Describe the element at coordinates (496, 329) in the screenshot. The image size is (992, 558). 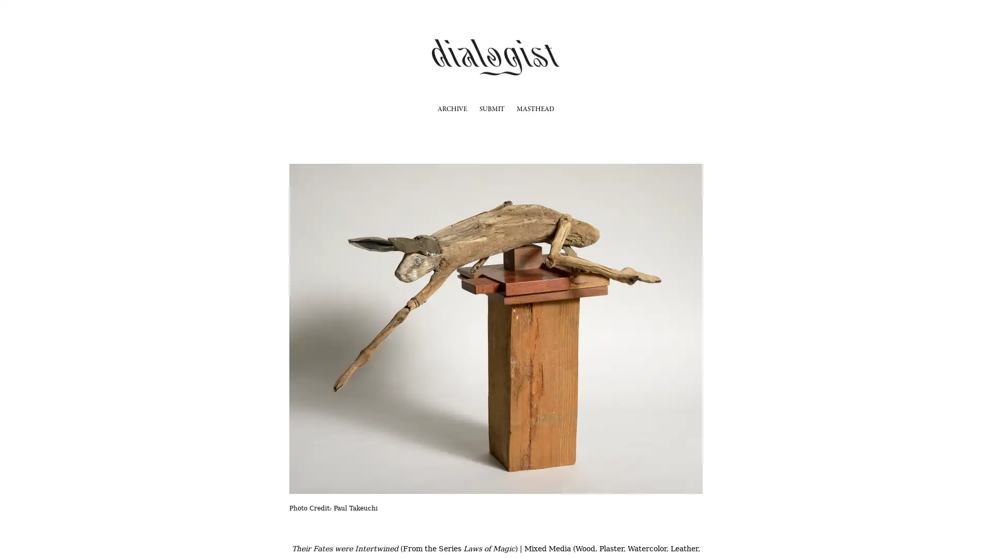
I see `View fullsize Photo Credit: Paul Takeuchi` at that location.